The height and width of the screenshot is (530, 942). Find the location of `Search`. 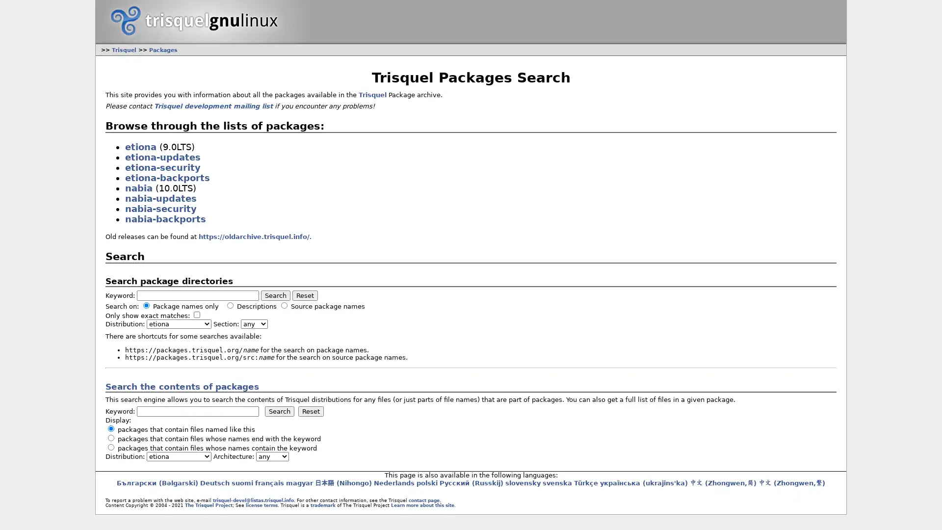

Search is located at coordinates (279, 411).